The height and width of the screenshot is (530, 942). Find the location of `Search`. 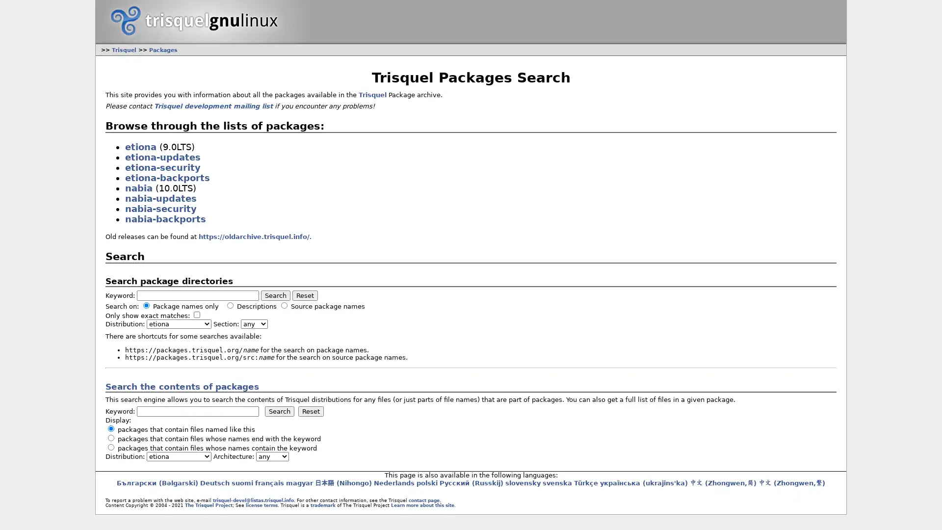

Search is located at coordinates (279, 411).